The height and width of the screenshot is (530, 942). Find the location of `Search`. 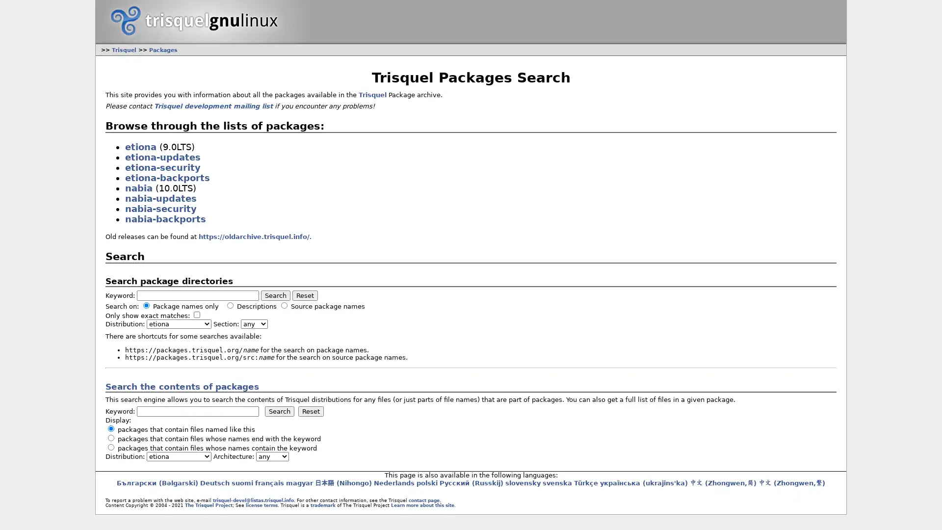

Search is located at coordinates (279, 411).